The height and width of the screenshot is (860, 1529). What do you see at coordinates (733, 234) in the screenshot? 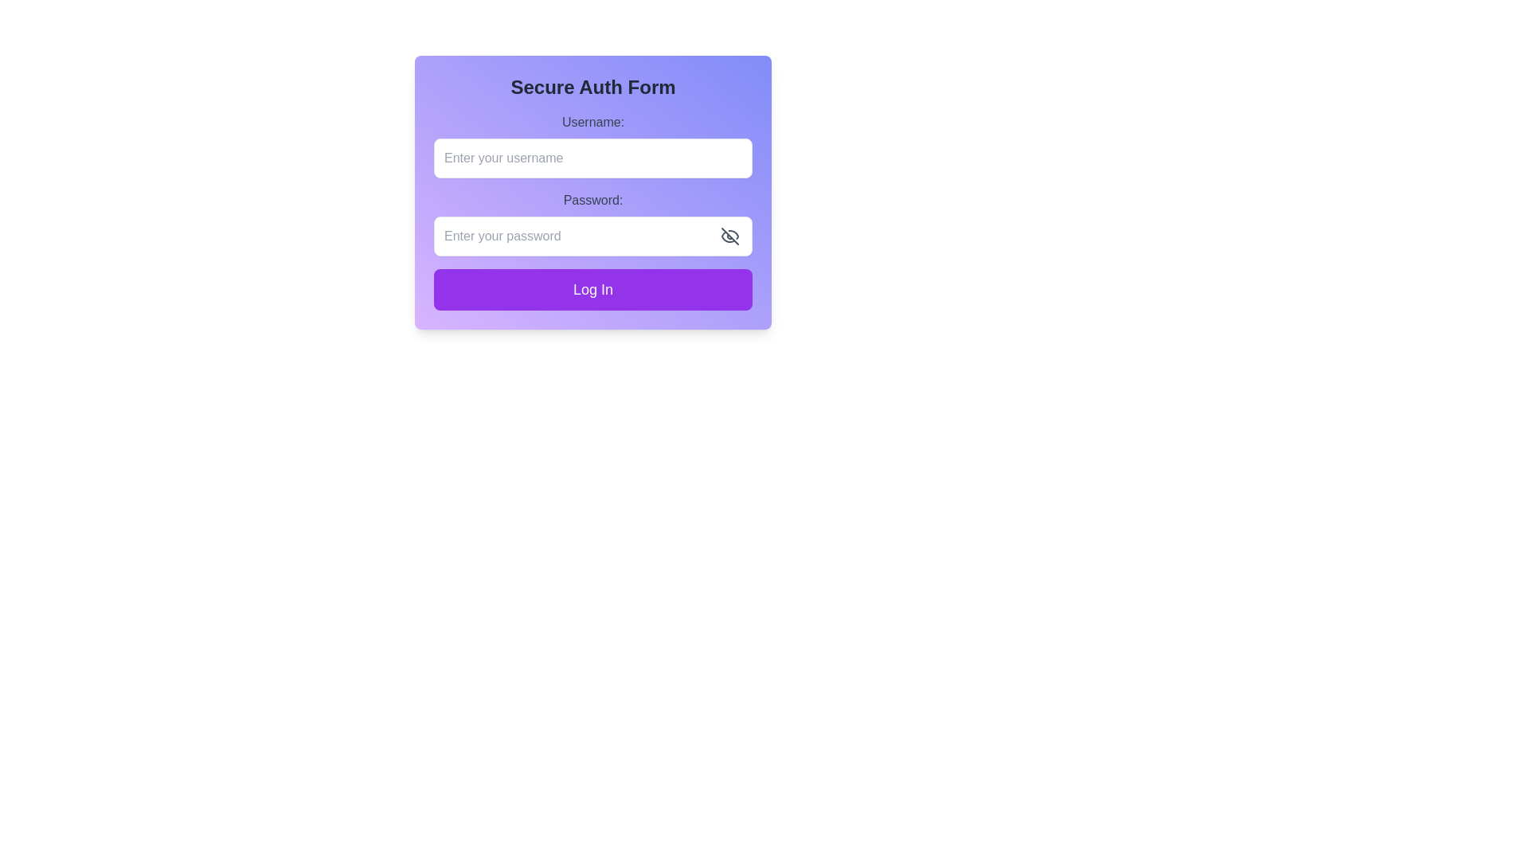
I see `the upper curved part of the eye-off icon, which is positioned top-right near the password input field` at bounding box center [733, 234].